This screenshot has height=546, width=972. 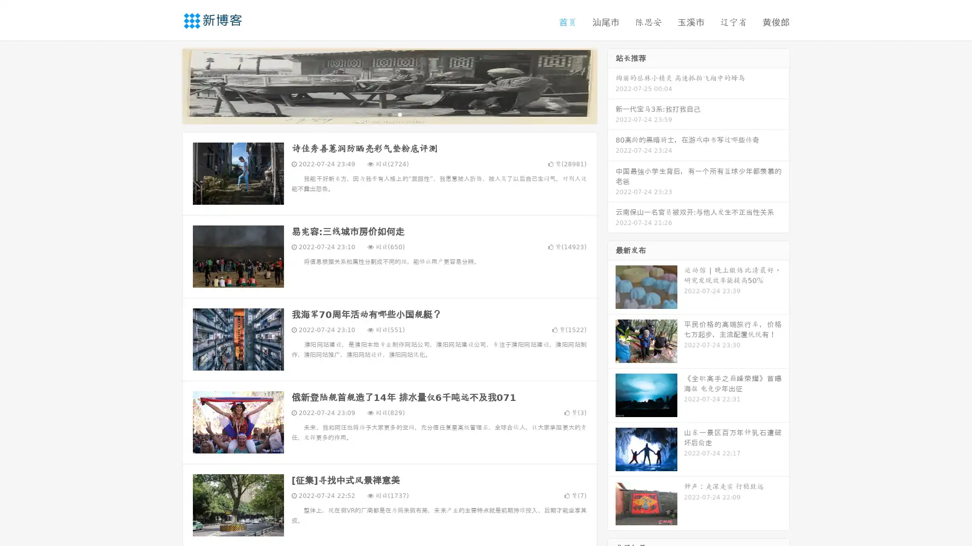 I want to click on Go to slide 1, so click(x=379, y=114).